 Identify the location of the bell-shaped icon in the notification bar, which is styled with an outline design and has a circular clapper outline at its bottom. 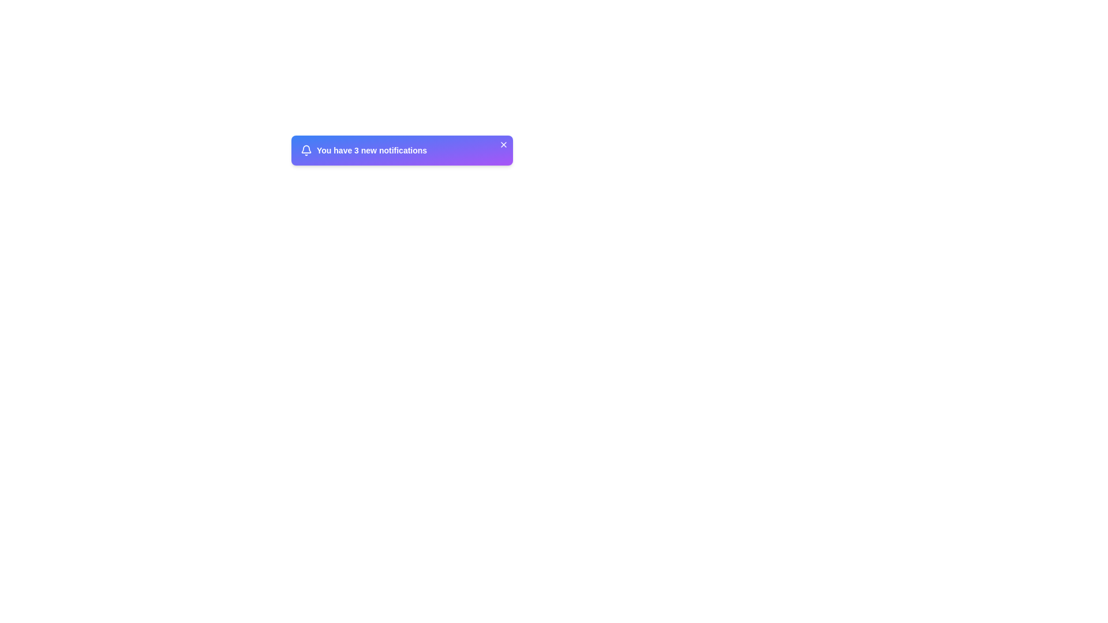
(306, 150).